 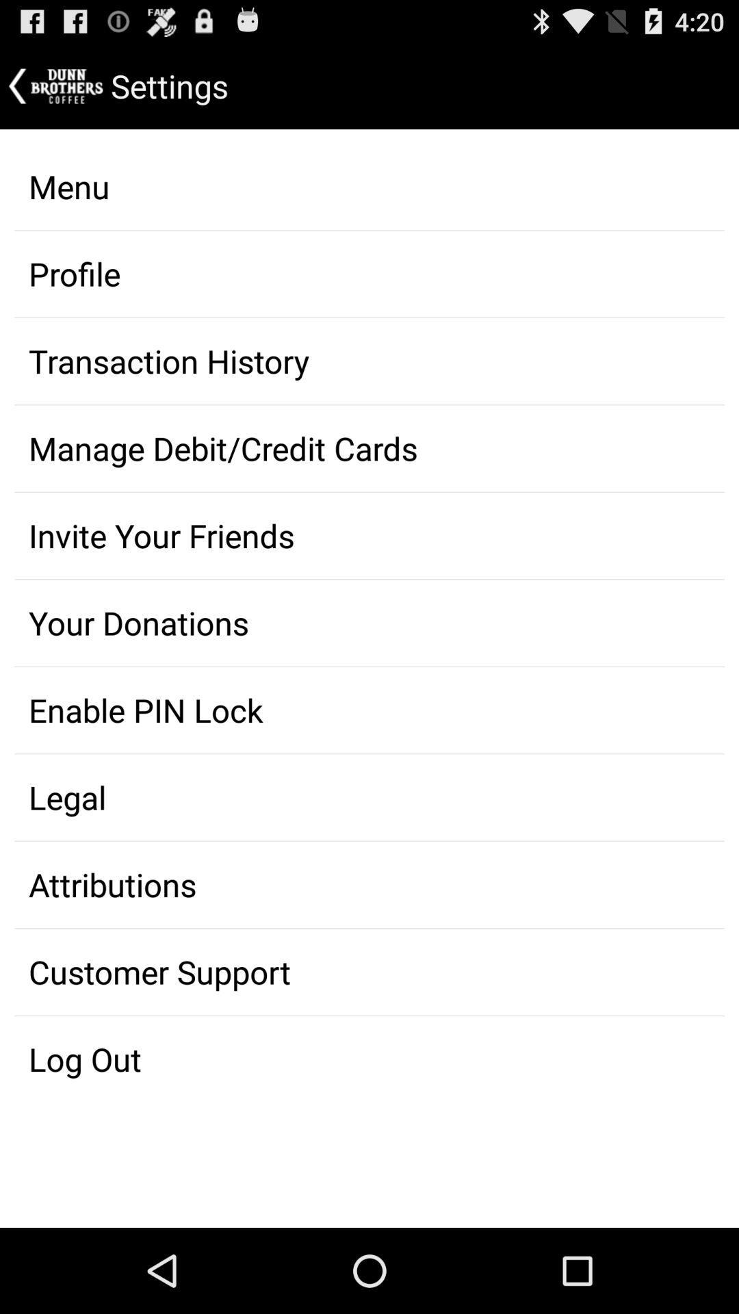 I want to click on the item below customer support icon, so click(x=369, y=1059).